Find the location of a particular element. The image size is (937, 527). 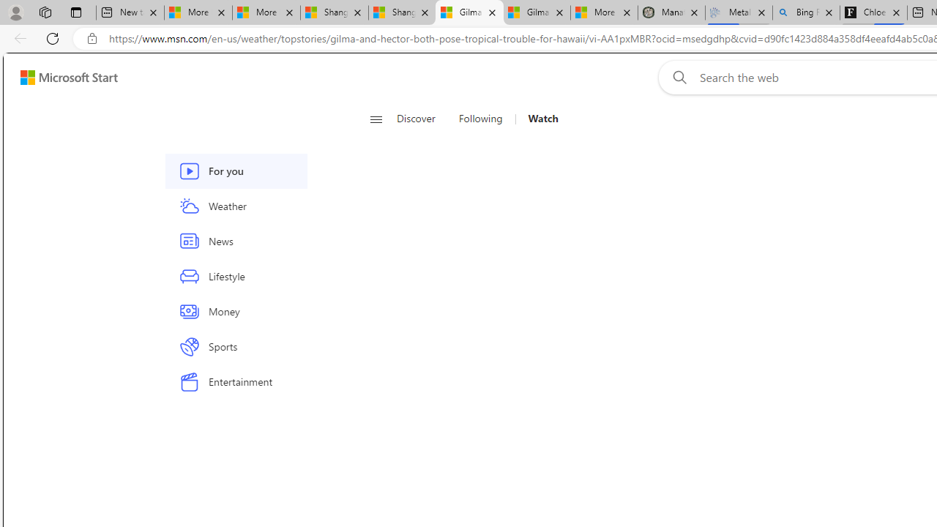

'Watch' is located at coordinates (537, 119).